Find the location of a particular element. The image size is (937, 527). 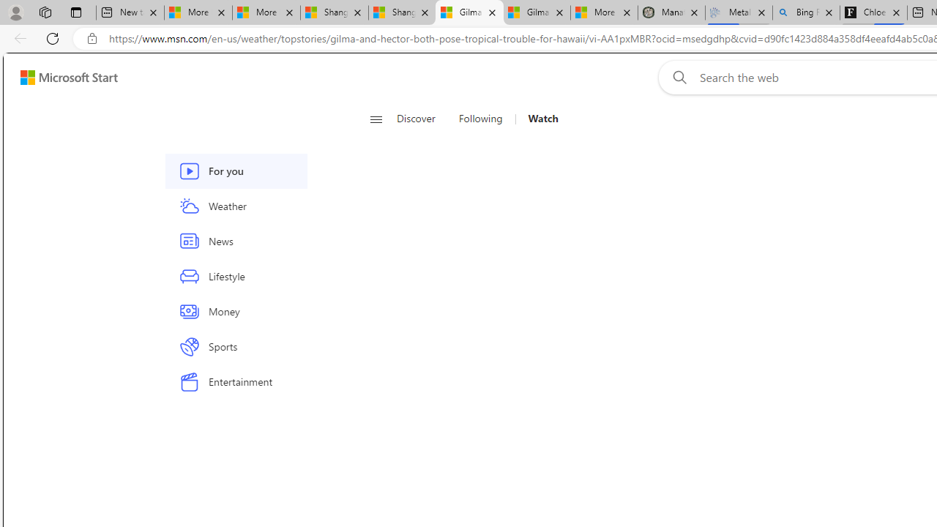

'Watch' is located at coordinates (537, 119).